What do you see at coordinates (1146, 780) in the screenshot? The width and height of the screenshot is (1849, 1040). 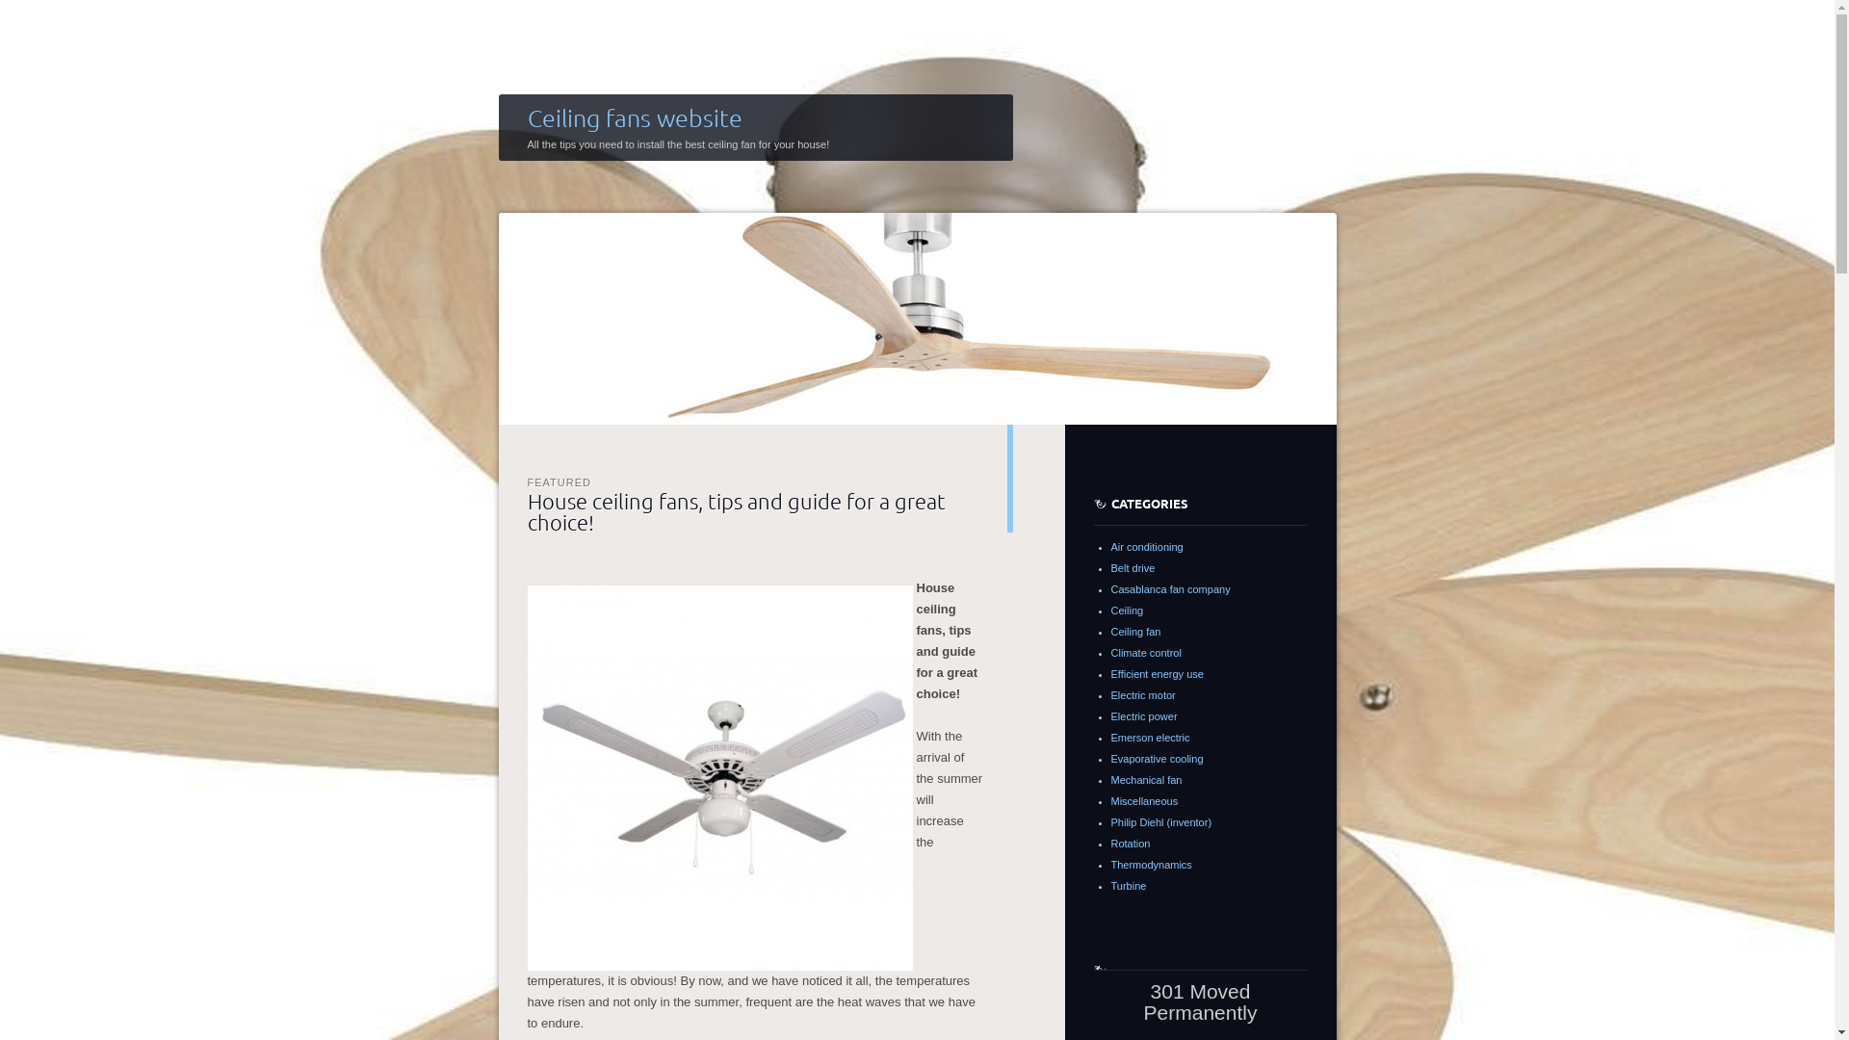 I see `'Mechanical fan'` at bounding box center [1146, 780].